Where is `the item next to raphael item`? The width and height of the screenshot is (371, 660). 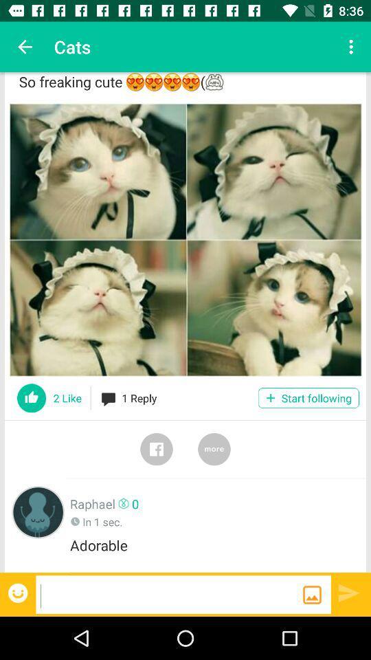
the item next to raphael item is located at coordinates (38, 511).